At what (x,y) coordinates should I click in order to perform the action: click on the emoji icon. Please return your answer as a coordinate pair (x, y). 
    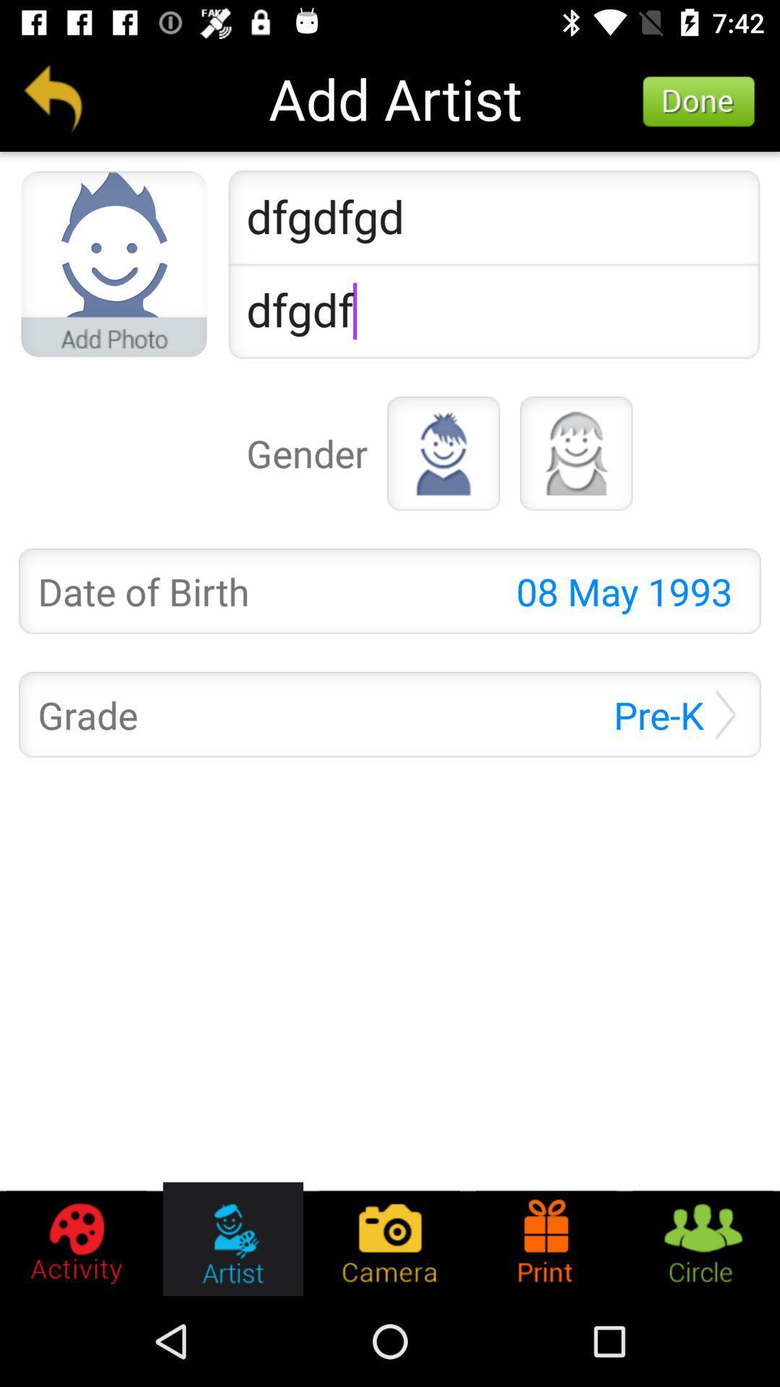
    Looking at the image, I should click on (576, 452).